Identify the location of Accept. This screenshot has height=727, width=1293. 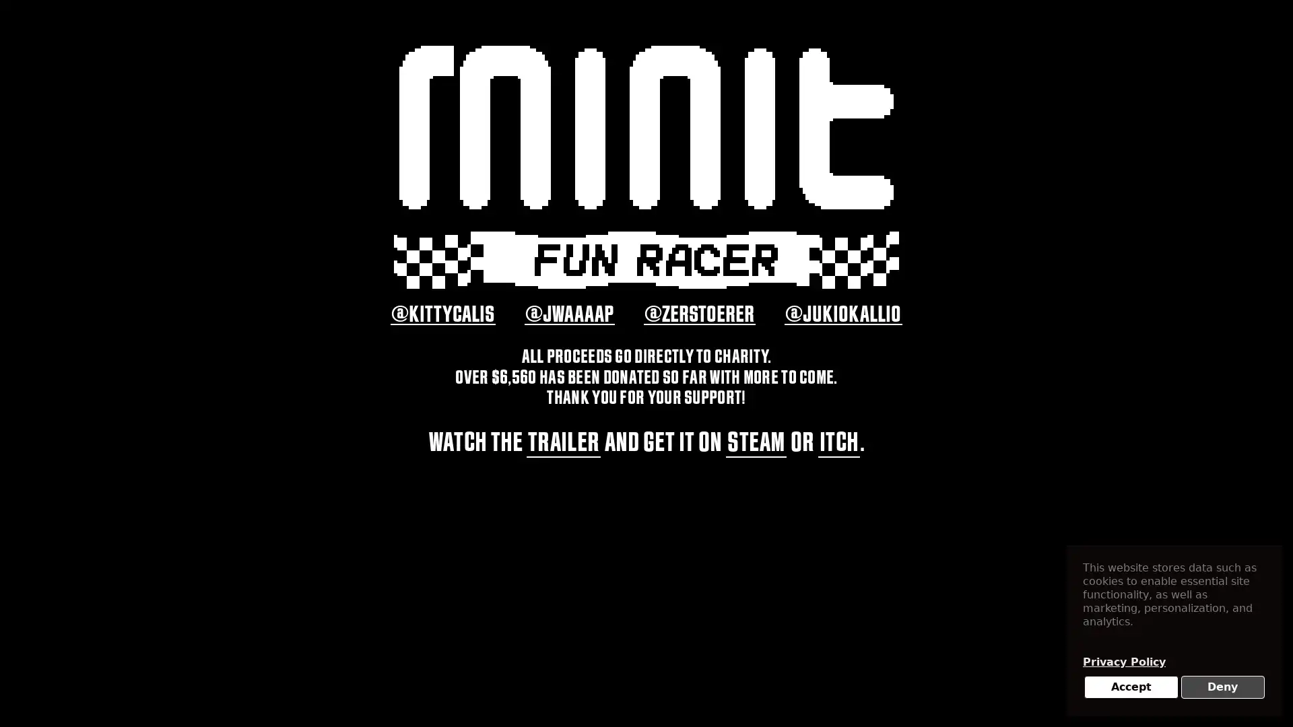
(1131, 687).